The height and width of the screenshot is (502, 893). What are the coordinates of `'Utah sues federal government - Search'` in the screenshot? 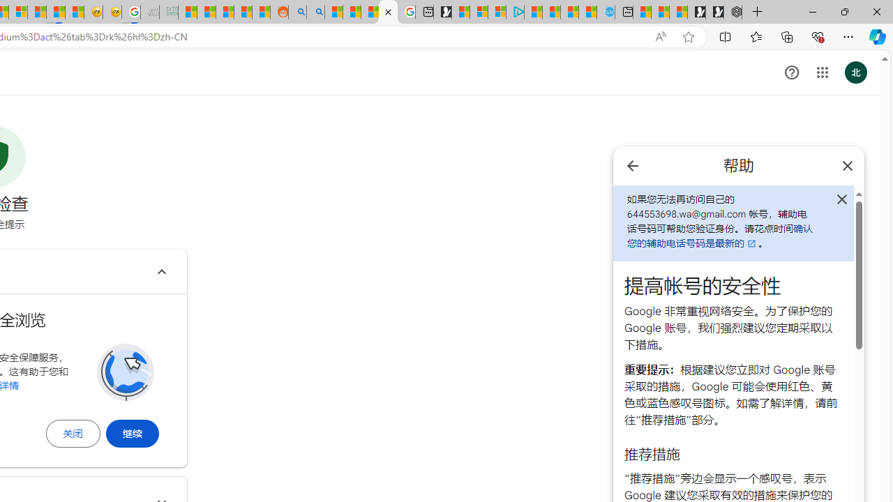 It's located at (315, 12).